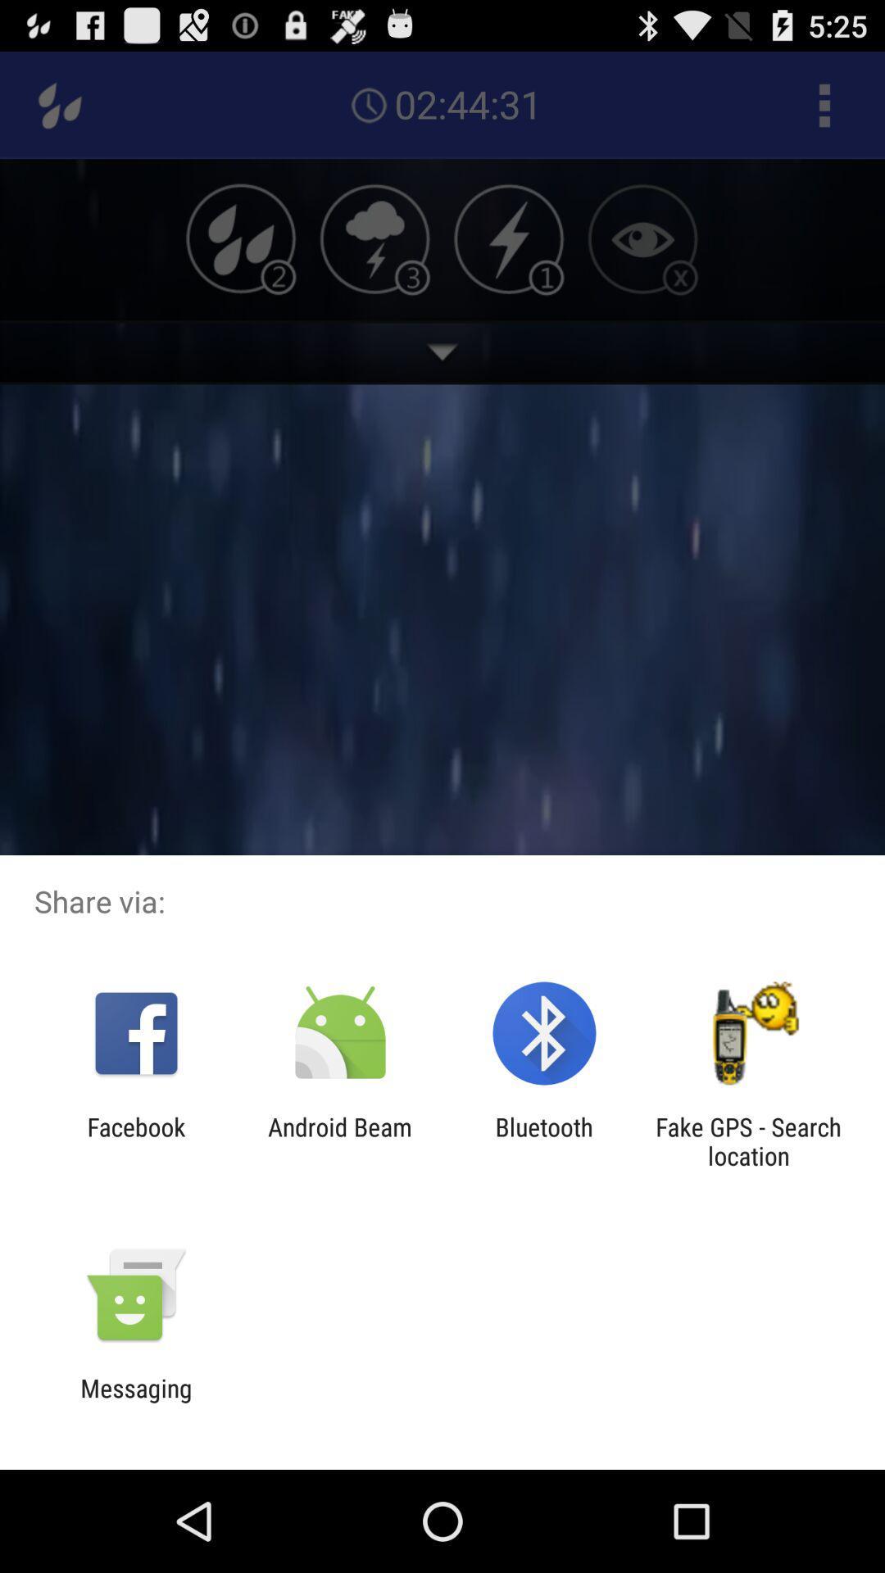  Describe the element at coordinates (748, 1140) in the screenshot. I see `the icon to the right of bluetooth app` at that location.